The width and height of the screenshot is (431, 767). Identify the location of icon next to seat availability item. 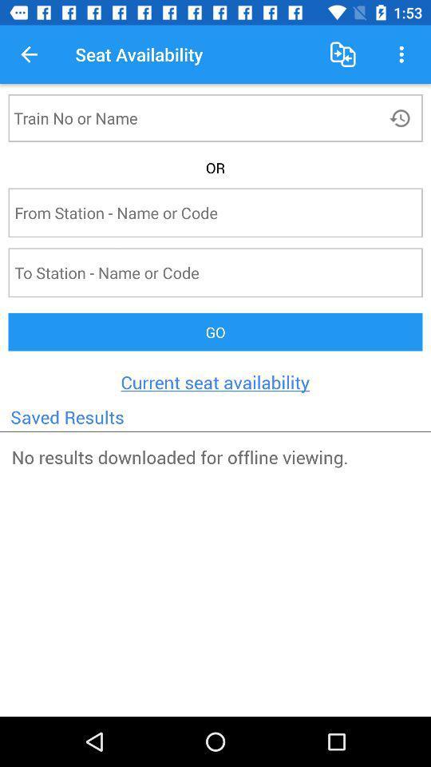
(29, 54).